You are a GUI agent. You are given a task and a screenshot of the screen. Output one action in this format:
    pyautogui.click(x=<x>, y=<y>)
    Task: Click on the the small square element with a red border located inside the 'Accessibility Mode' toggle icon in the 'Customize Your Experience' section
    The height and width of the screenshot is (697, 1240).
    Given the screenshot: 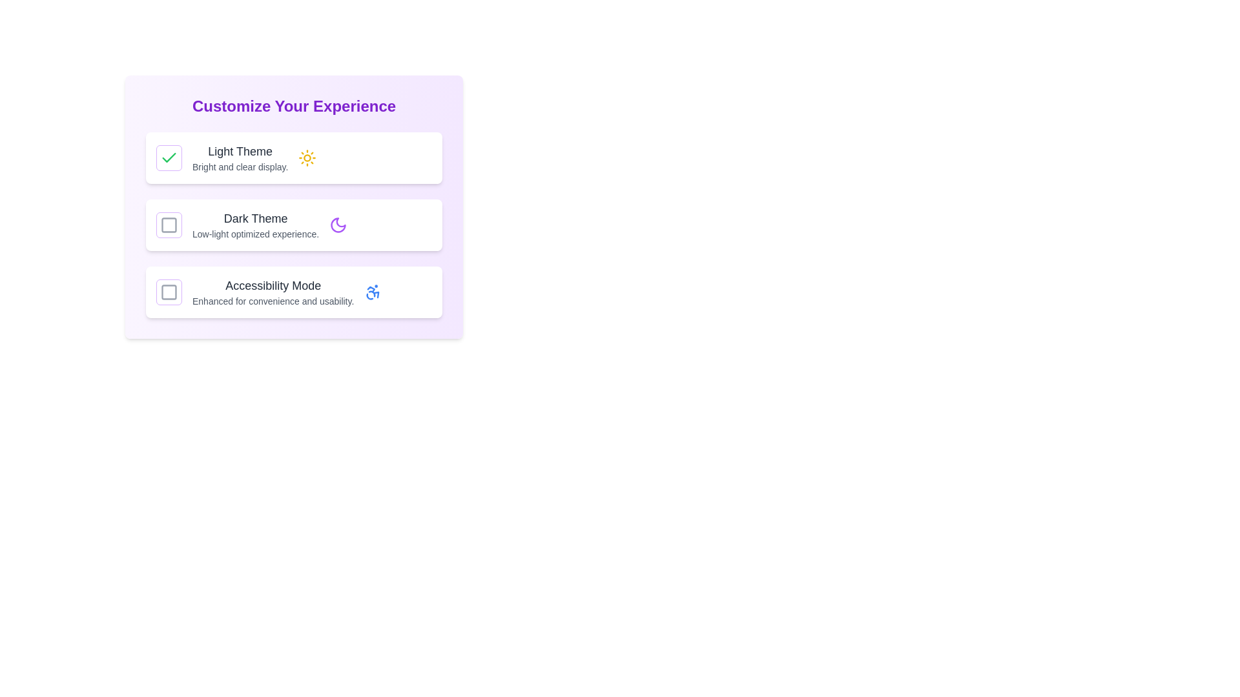 What is the action you would take?
    pyautogui.click(x=169, y=292)
    